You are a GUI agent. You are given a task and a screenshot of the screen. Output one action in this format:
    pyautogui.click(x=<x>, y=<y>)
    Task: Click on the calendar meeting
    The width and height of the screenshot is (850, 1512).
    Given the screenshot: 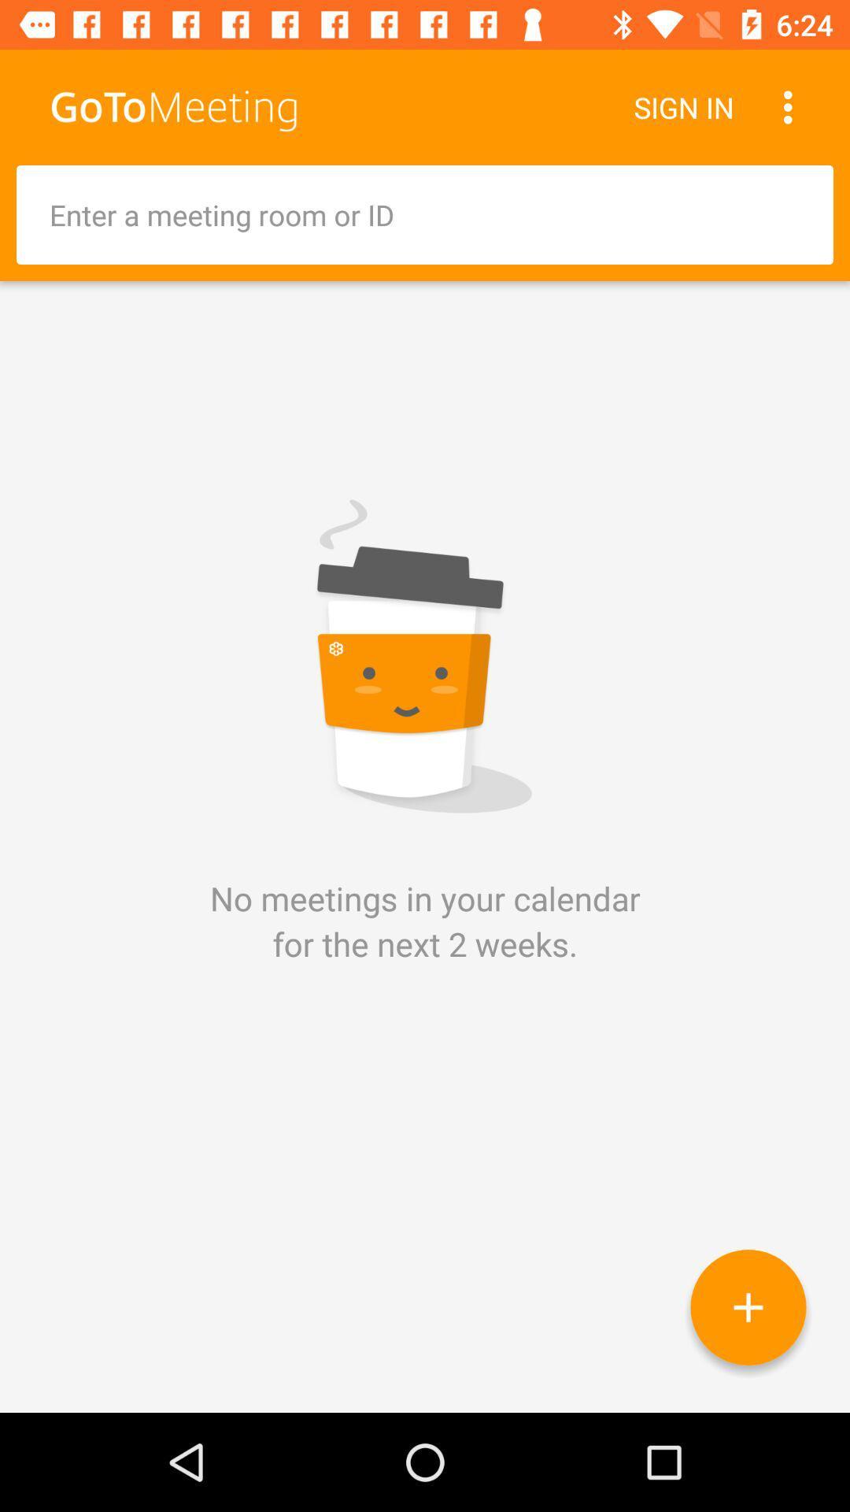 What is the action you would take?
    pyautogui.click(x=748, y=1307)
    